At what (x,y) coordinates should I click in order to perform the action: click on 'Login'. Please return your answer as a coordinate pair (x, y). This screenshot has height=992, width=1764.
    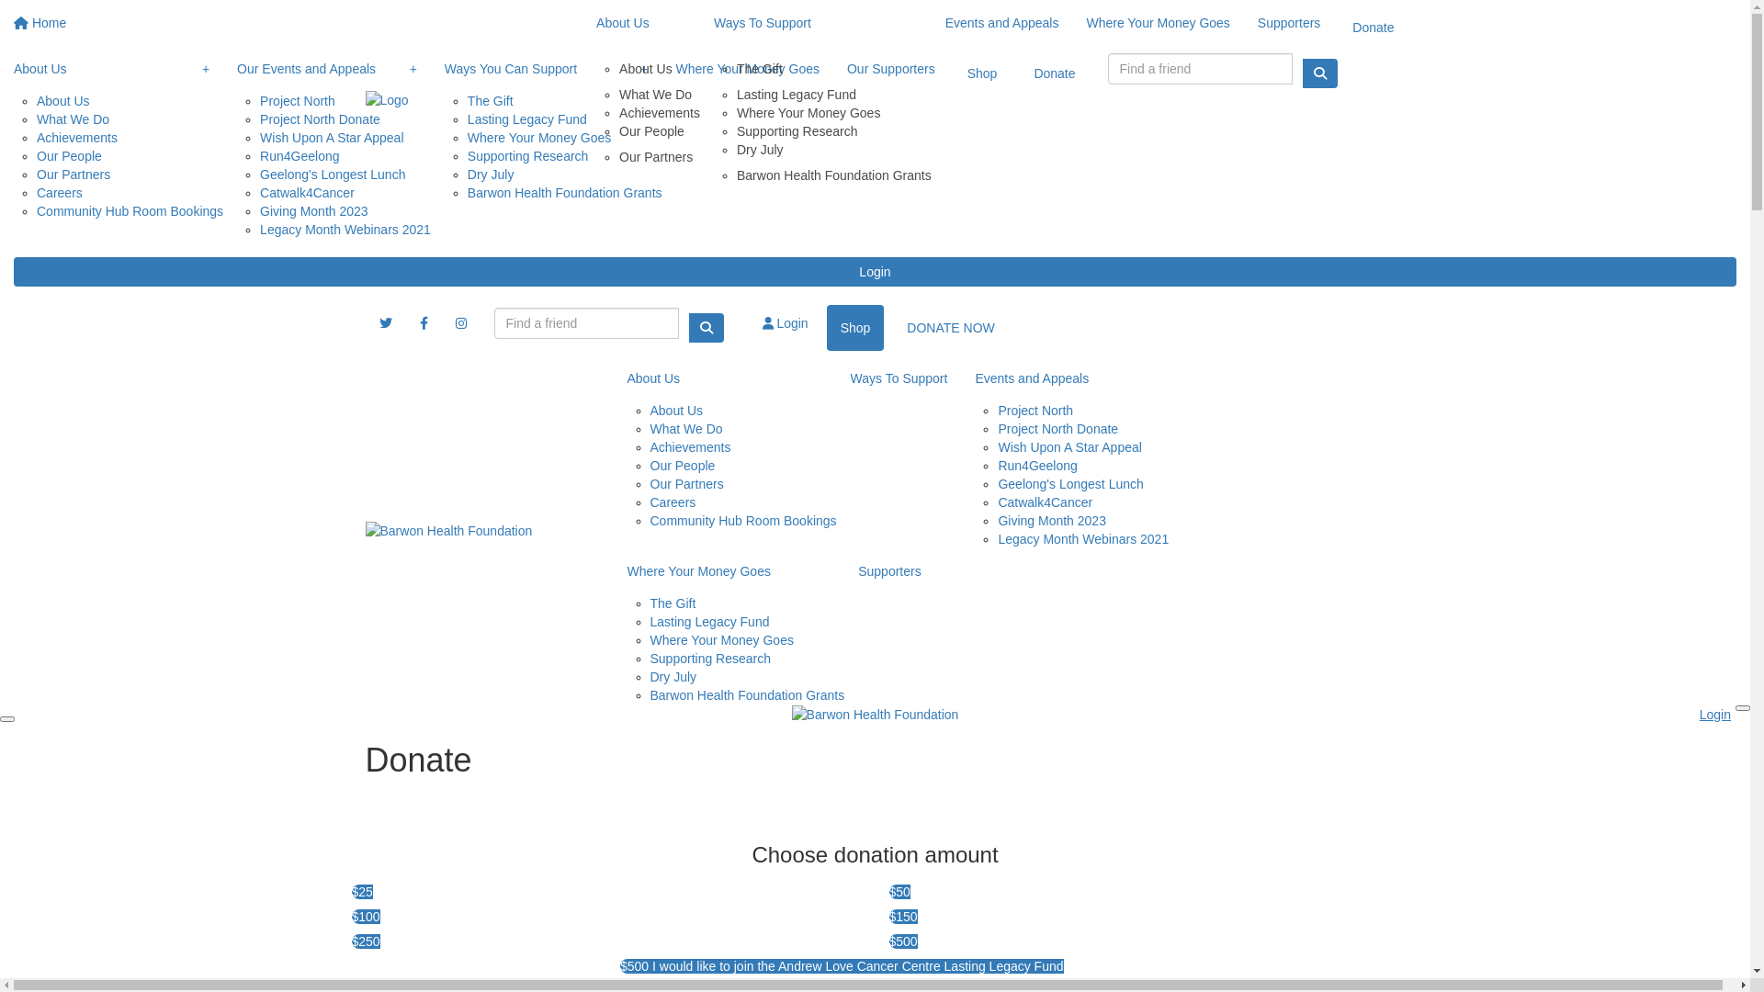
    Looking at the image, I should click on (1714, 714).